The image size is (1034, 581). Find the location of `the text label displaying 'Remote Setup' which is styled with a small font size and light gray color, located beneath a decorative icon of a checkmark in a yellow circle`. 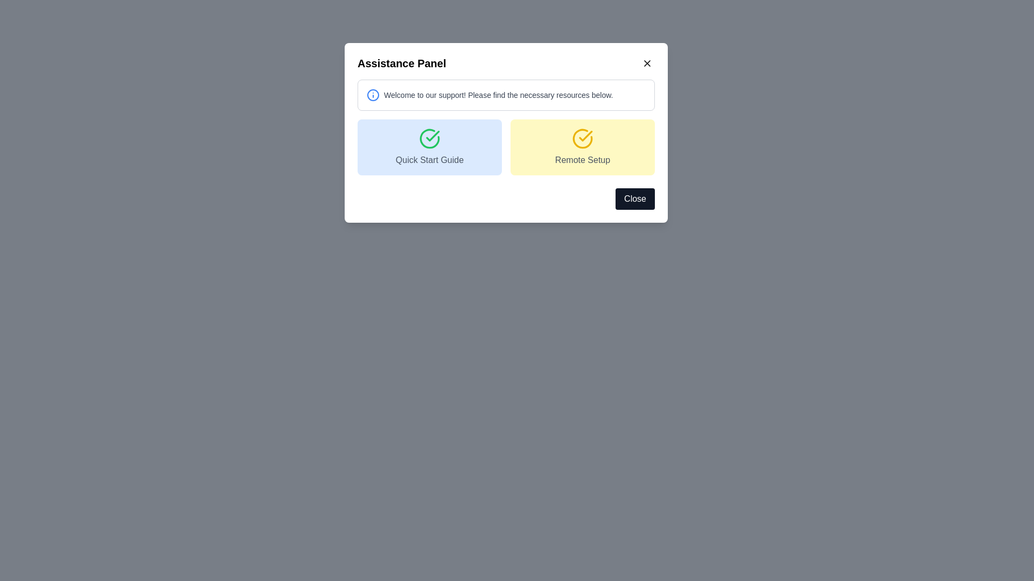

the text label displaying 'Remote Setup' which is styled with a small font size and light gray color, located beneath a decorative icon of a checkmark in a yellow circle is located at coordinates (582, 160).